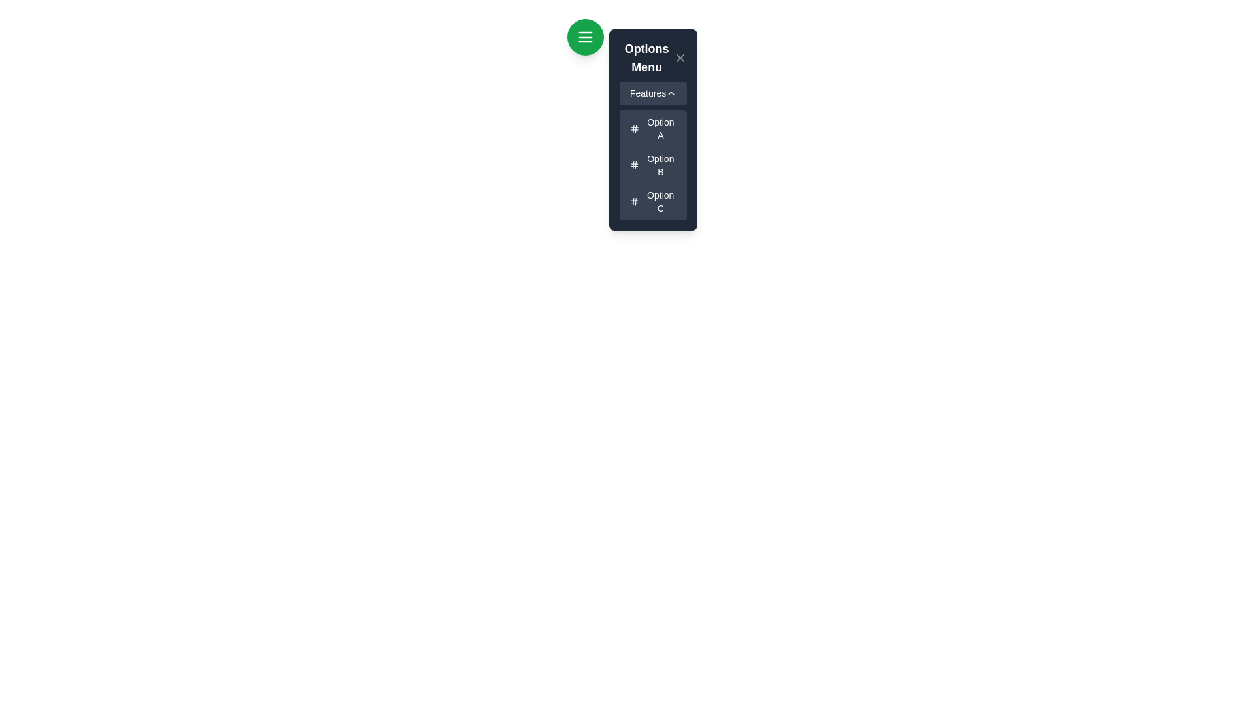  I want to click on the close button located in the top-right corner of the 'Options Menu', so click(680, 57).